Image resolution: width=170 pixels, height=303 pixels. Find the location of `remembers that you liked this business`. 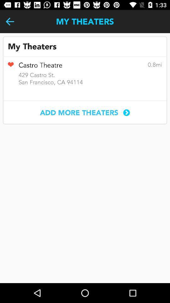

remembers that you liked this business is located at coordinates (10, 67).